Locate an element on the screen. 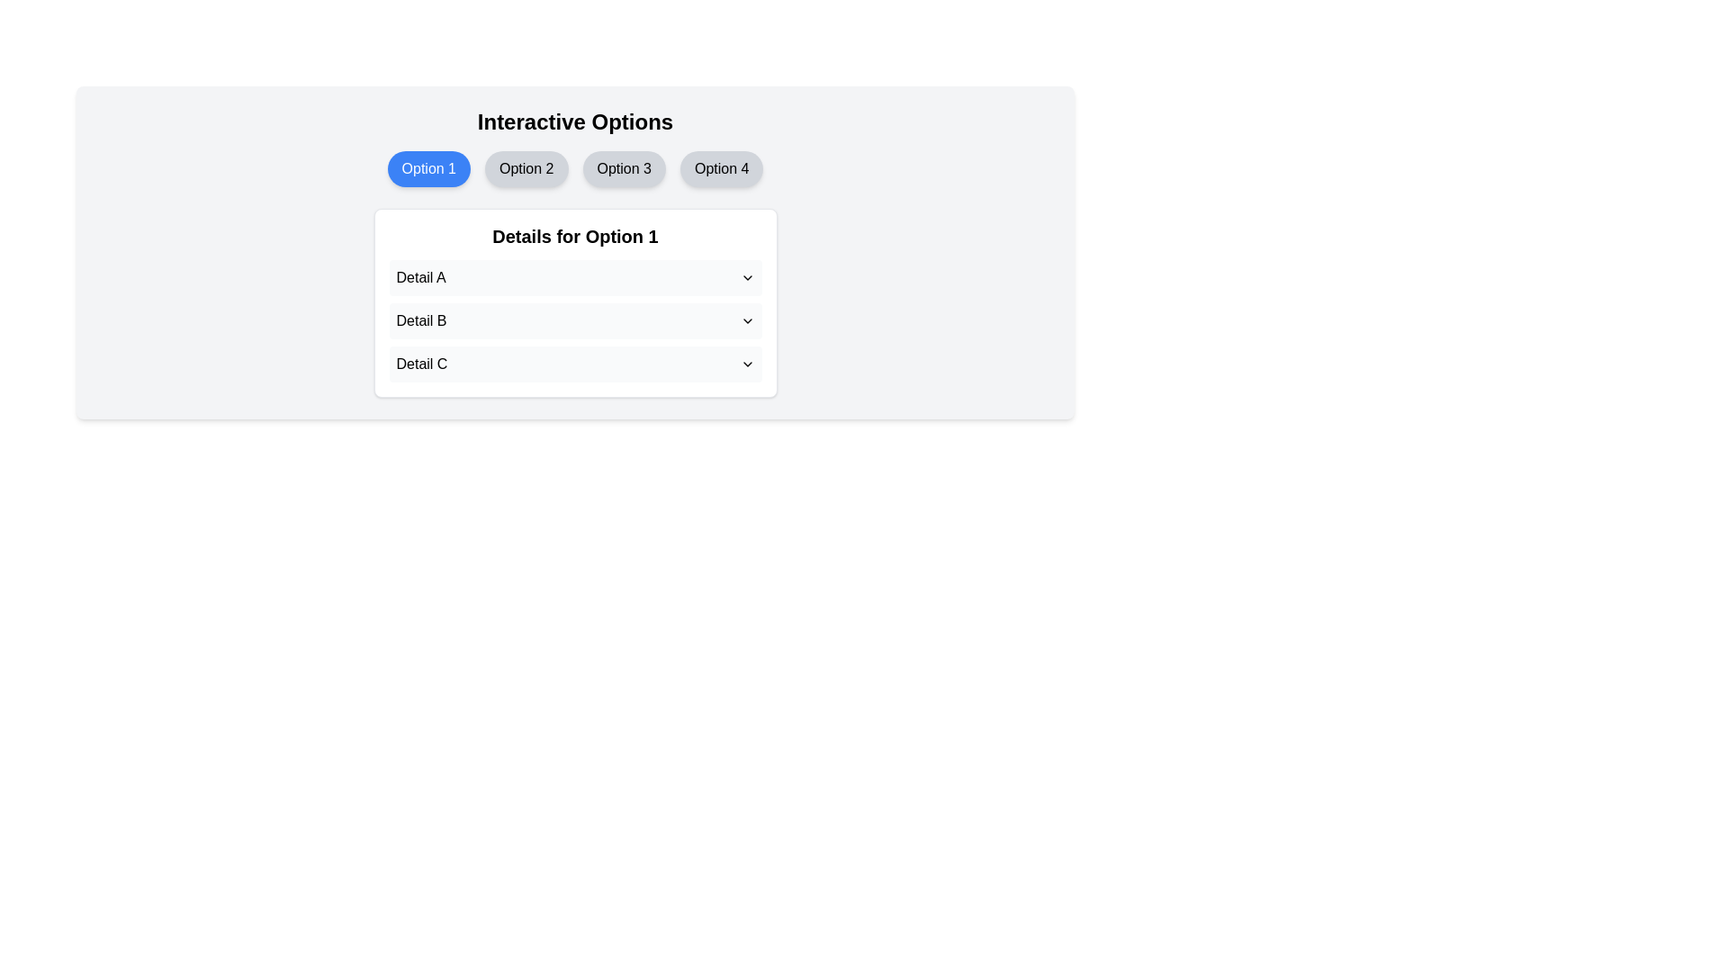 The image size is (1728, 972). the second item in the vertical list labeled 'Details for Option 1' to interact with its dropdown capabilities is located at coordinates (574, 320).